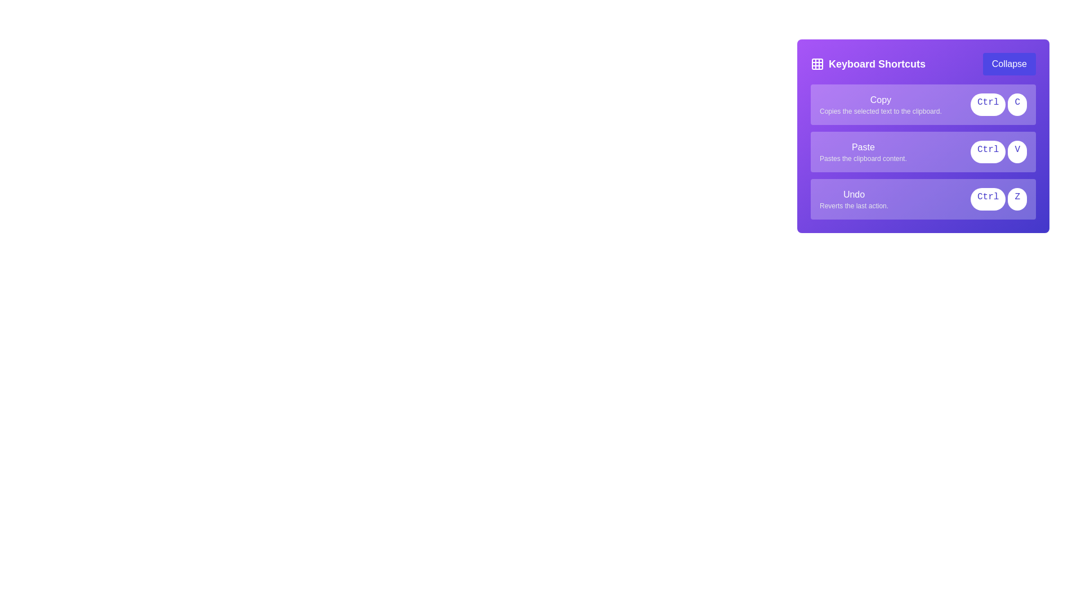 This screenshot has height=608, width=1081. What do you see at coordinates (854, 199) in the screenshot?
I see `the 'Undo' text description element, which is the third item in the list of shortcut descriptions within the purple 'Keyboard Shortcuts' panel` at bounding box center [854, 199].